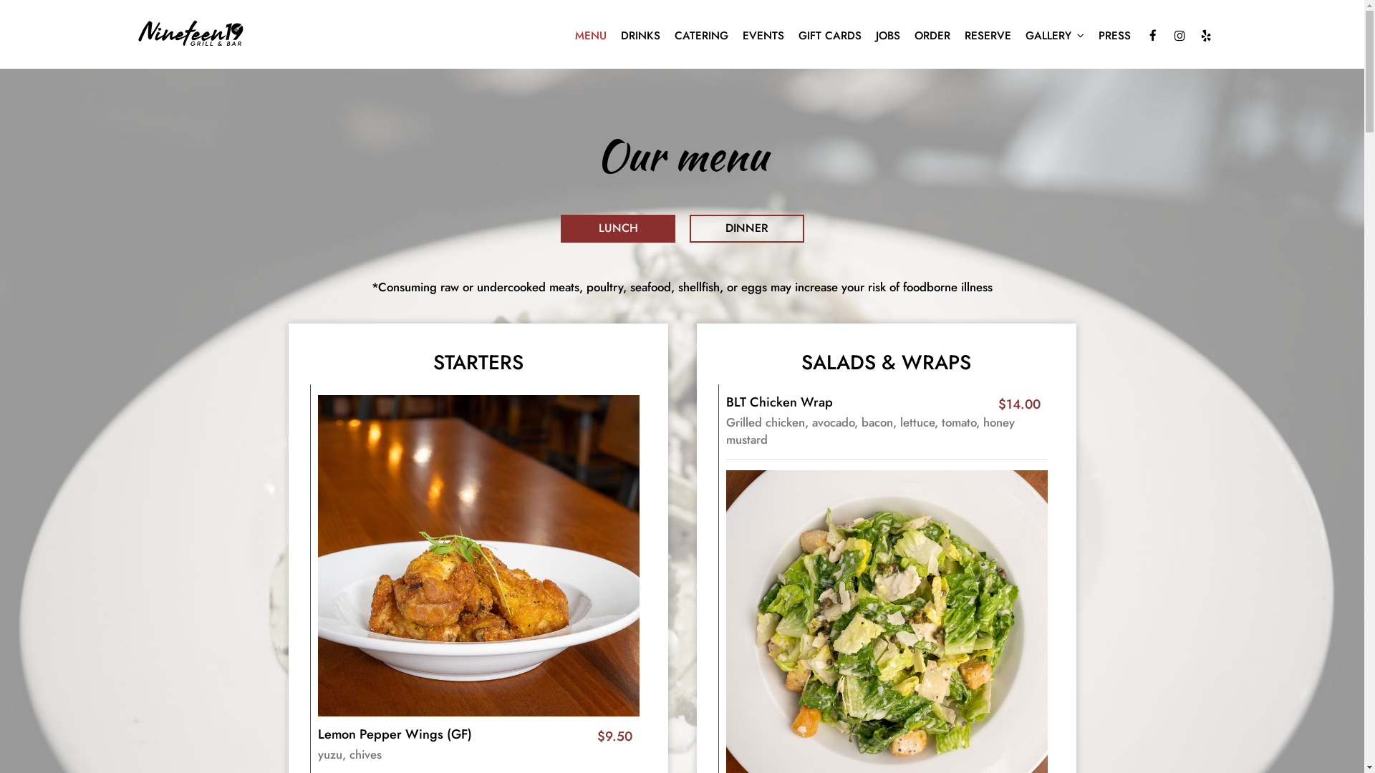 The width and height of the screenshot is (1375, 773). What do you see at coordinates (617, 228) in the screenshot?
I see `'LUNCH'` at bounding box center [617, 228].